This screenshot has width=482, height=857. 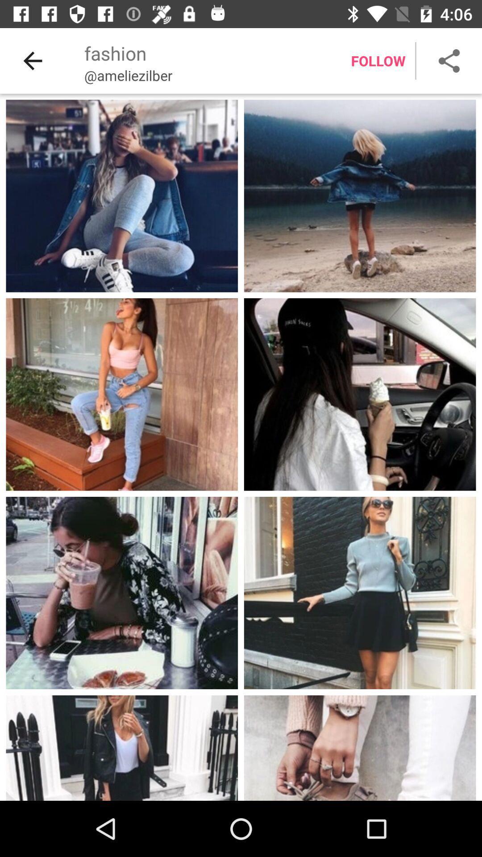 I want to click on follow, so click(x=378, y=60).